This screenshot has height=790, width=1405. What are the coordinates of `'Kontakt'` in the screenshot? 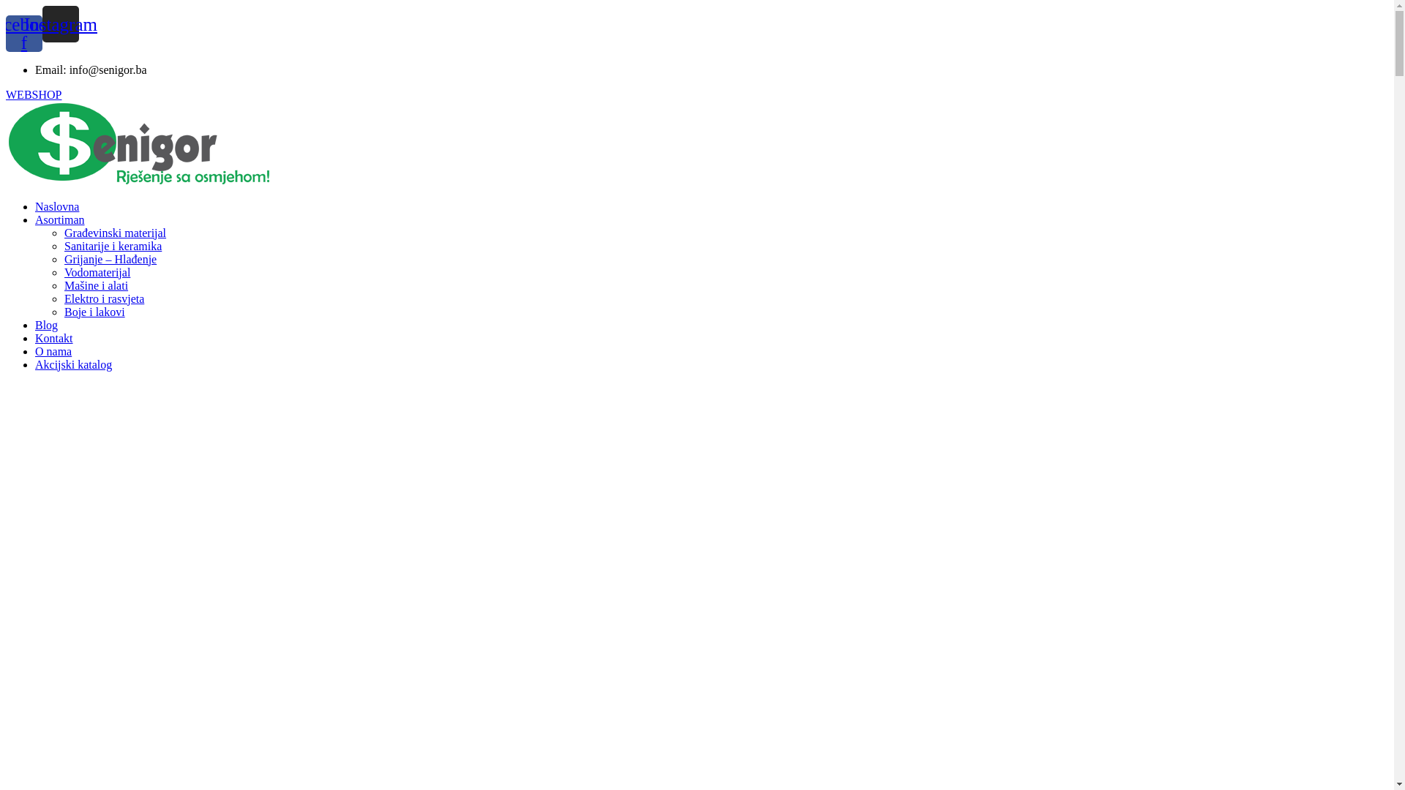 It's located at (53, 338).